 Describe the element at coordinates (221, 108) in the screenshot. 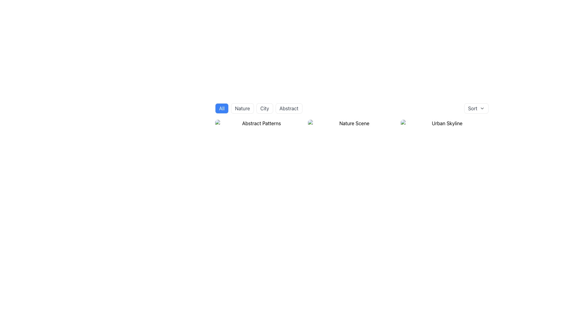

I see `the 'All' button with rounded corners and a blue background` at that location.